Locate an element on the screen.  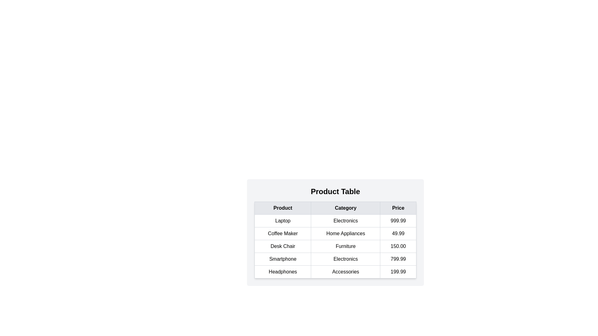
the table cell containing the price '49.99' of the 'Coffee Maker' product is located at coordinates (398, 234).